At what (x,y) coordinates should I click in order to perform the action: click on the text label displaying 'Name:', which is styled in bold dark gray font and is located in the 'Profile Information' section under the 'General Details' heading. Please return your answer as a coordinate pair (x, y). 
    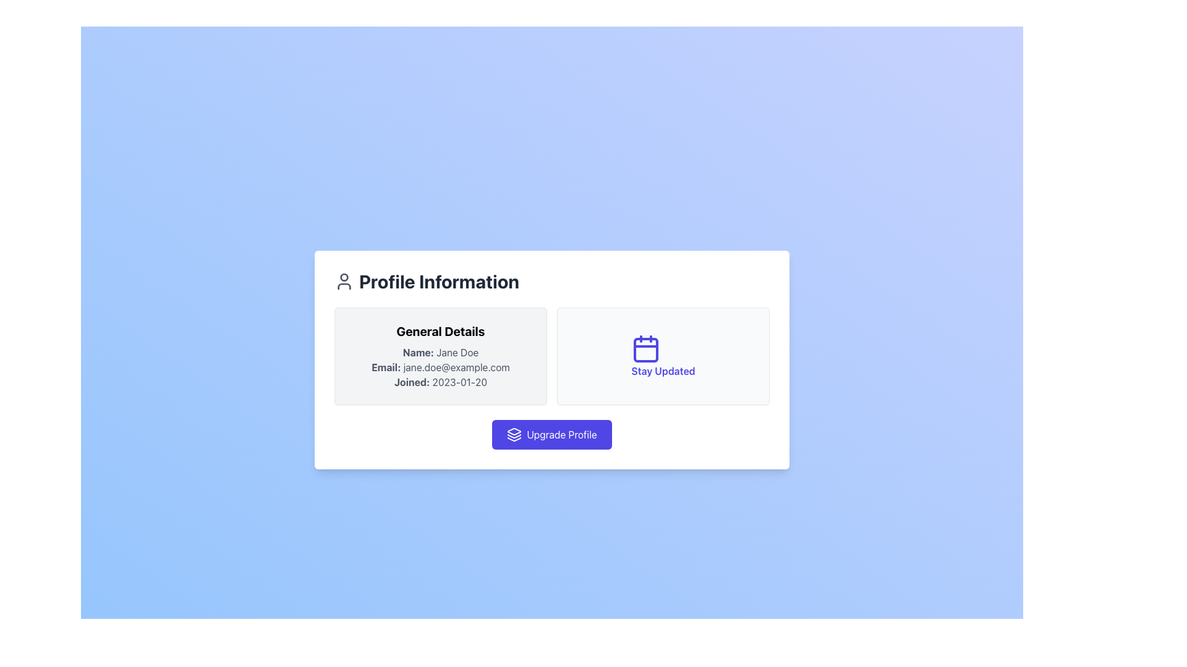
    Looking at the image, I should click on (418, 352).